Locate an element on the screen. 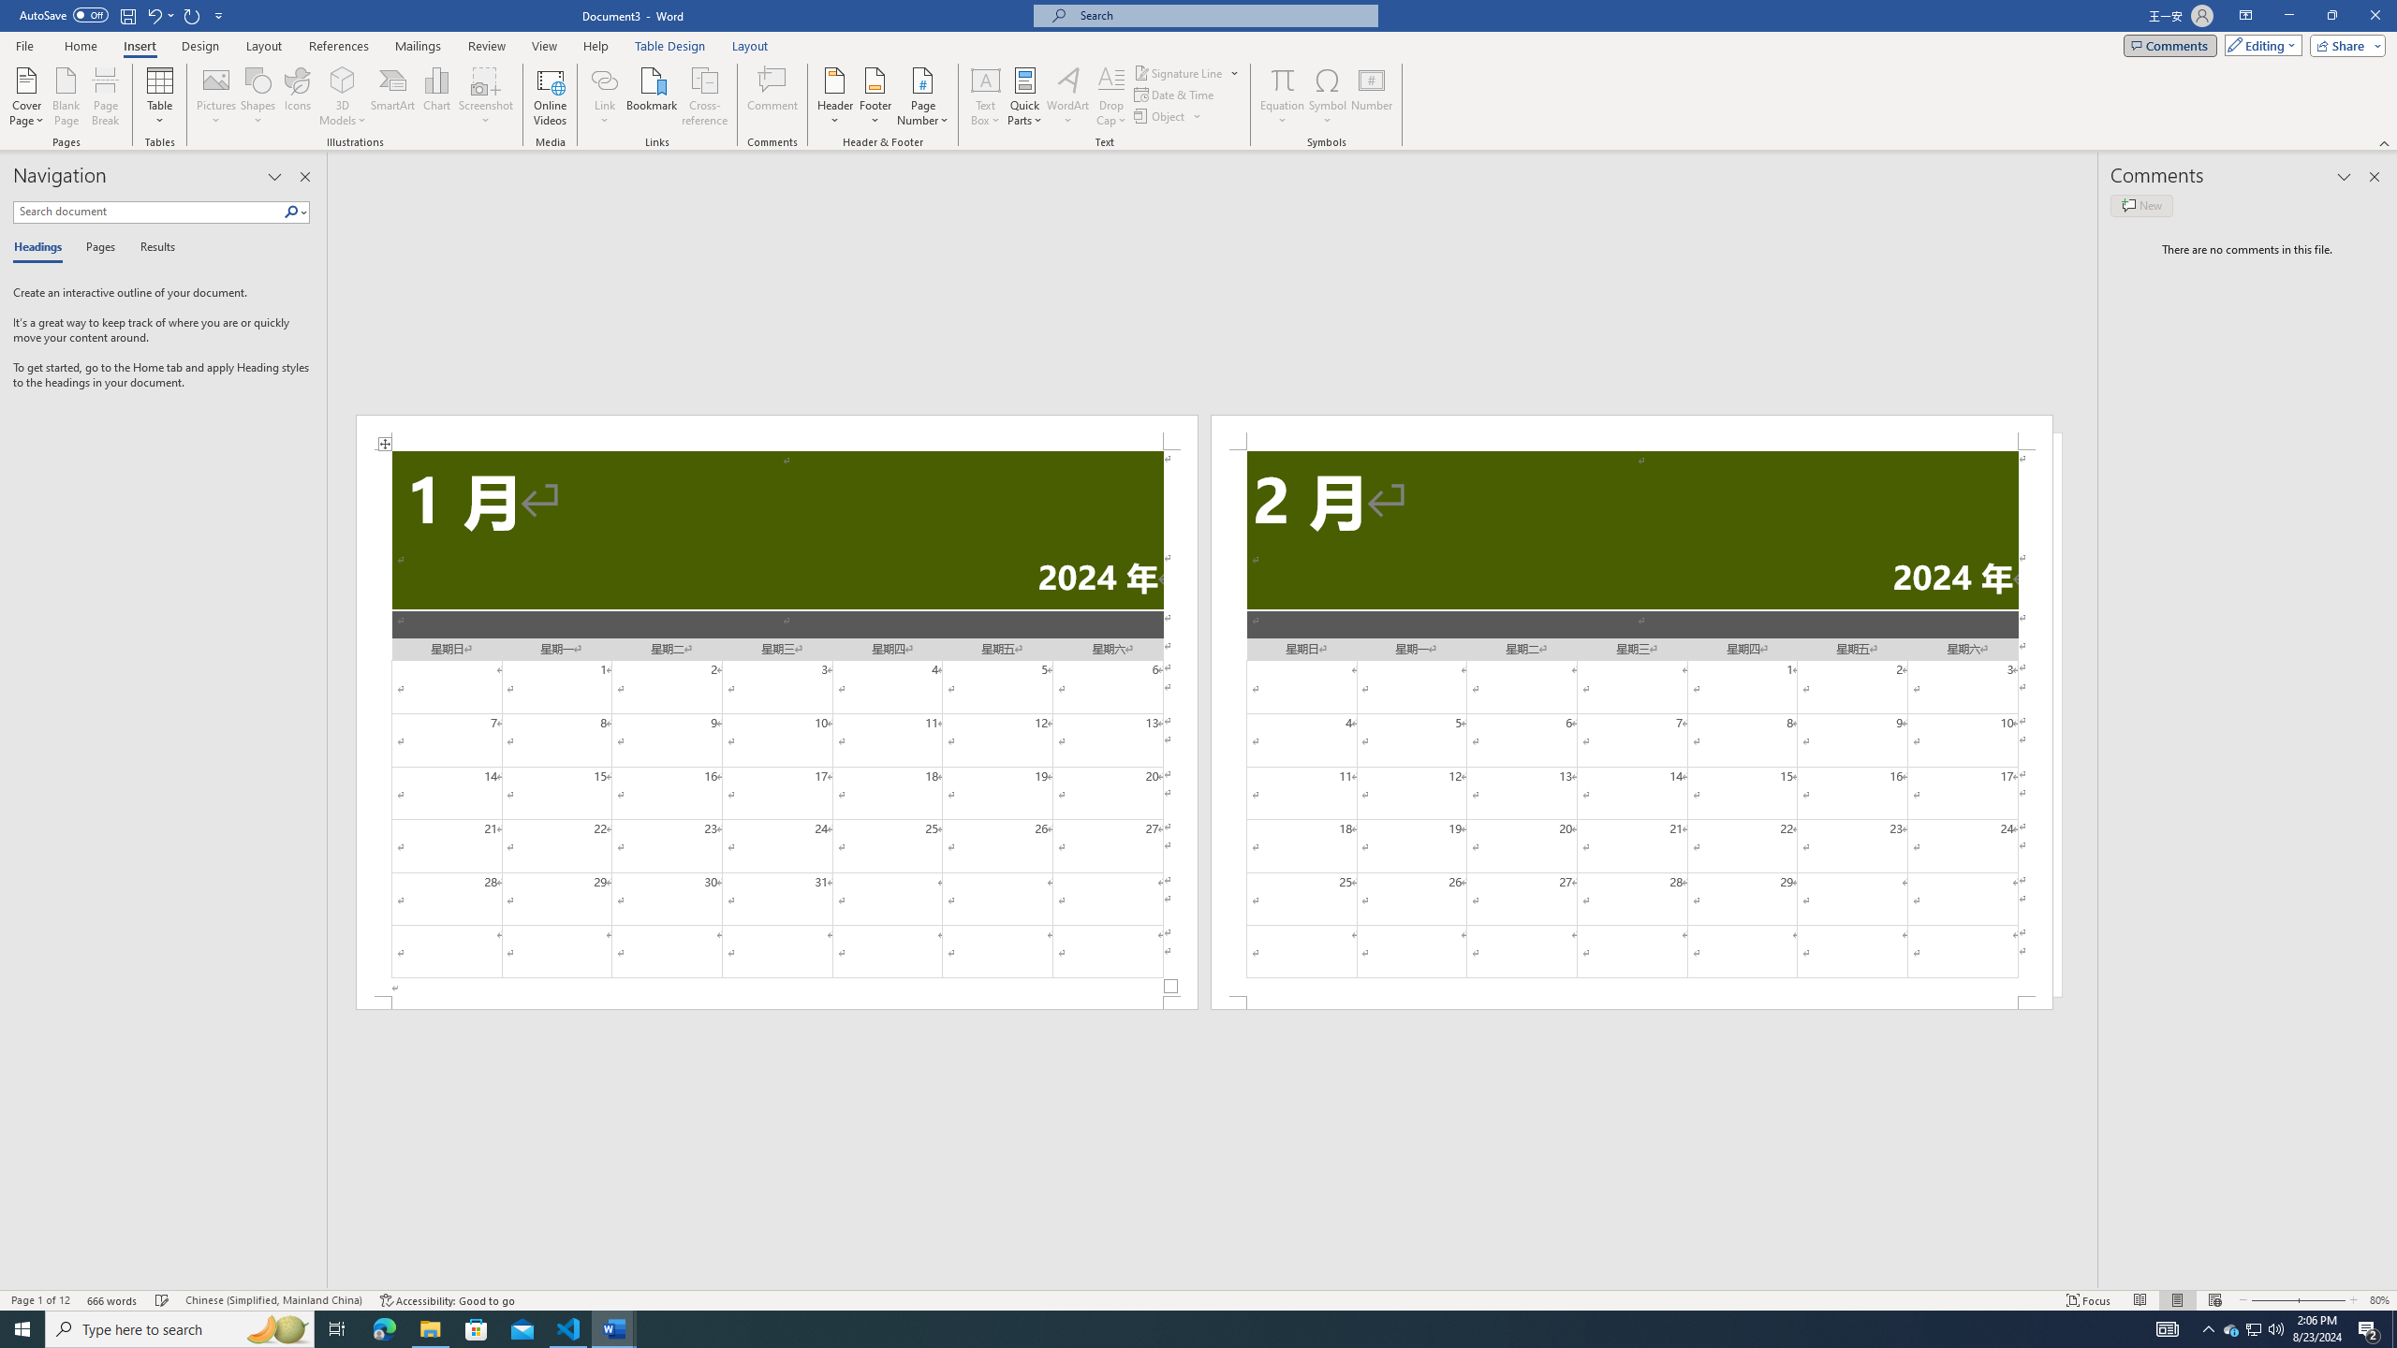 Image resolution: width=2397 pixels, height=1348 pixels. 'Cover Page' is located at coordinates (26, 96).